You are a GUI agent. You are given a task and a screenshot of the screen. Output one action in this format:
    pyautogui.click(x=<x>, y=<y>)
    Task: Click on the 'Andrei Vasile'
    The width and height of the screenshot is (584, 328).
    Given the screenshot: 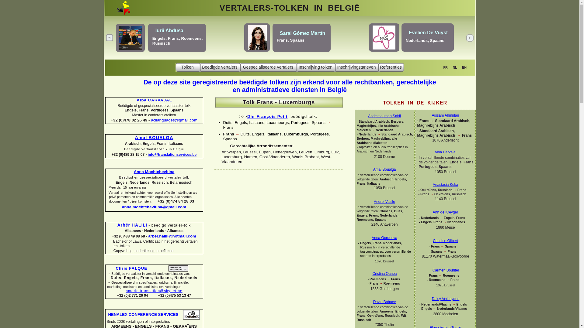 What is the action you would take?
    pyautogui.click(x=384, y=201)
    